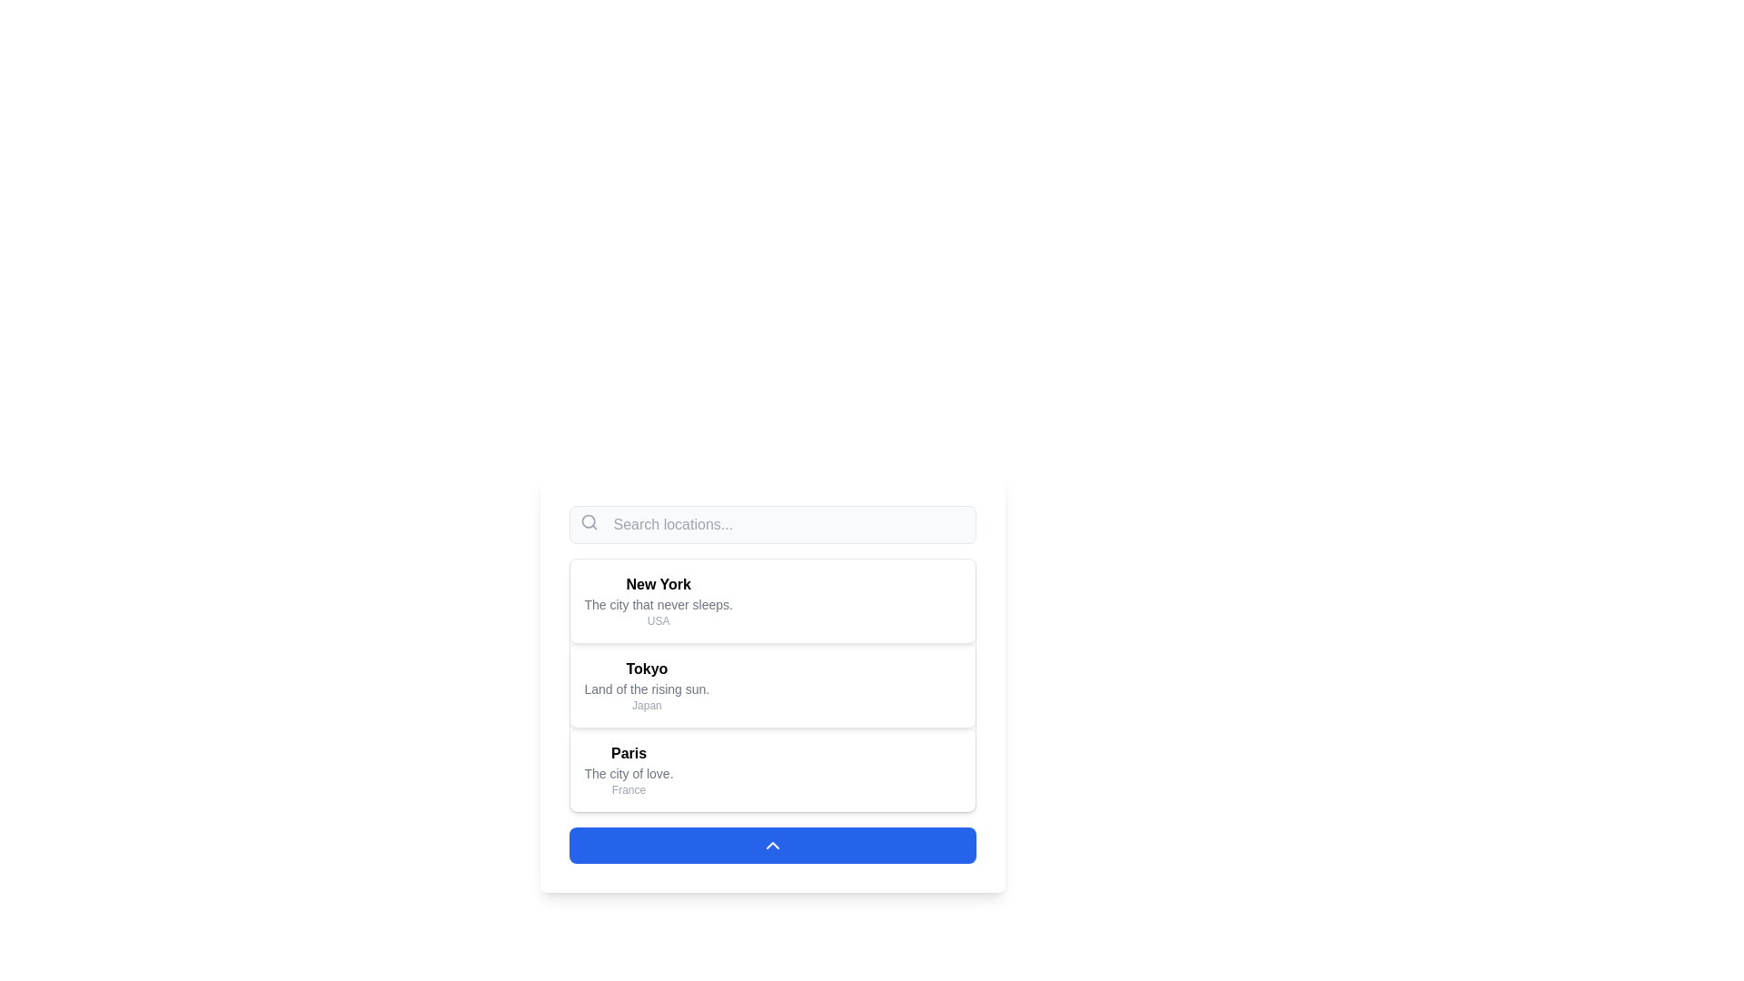 The width and height of the screenshot is (1744, 981). I want to click on the static text label that provides additional contextual information for the main title 'Tokyo', which is positioned below 'Tokyo' and above 'Japan', so click(647, 689).